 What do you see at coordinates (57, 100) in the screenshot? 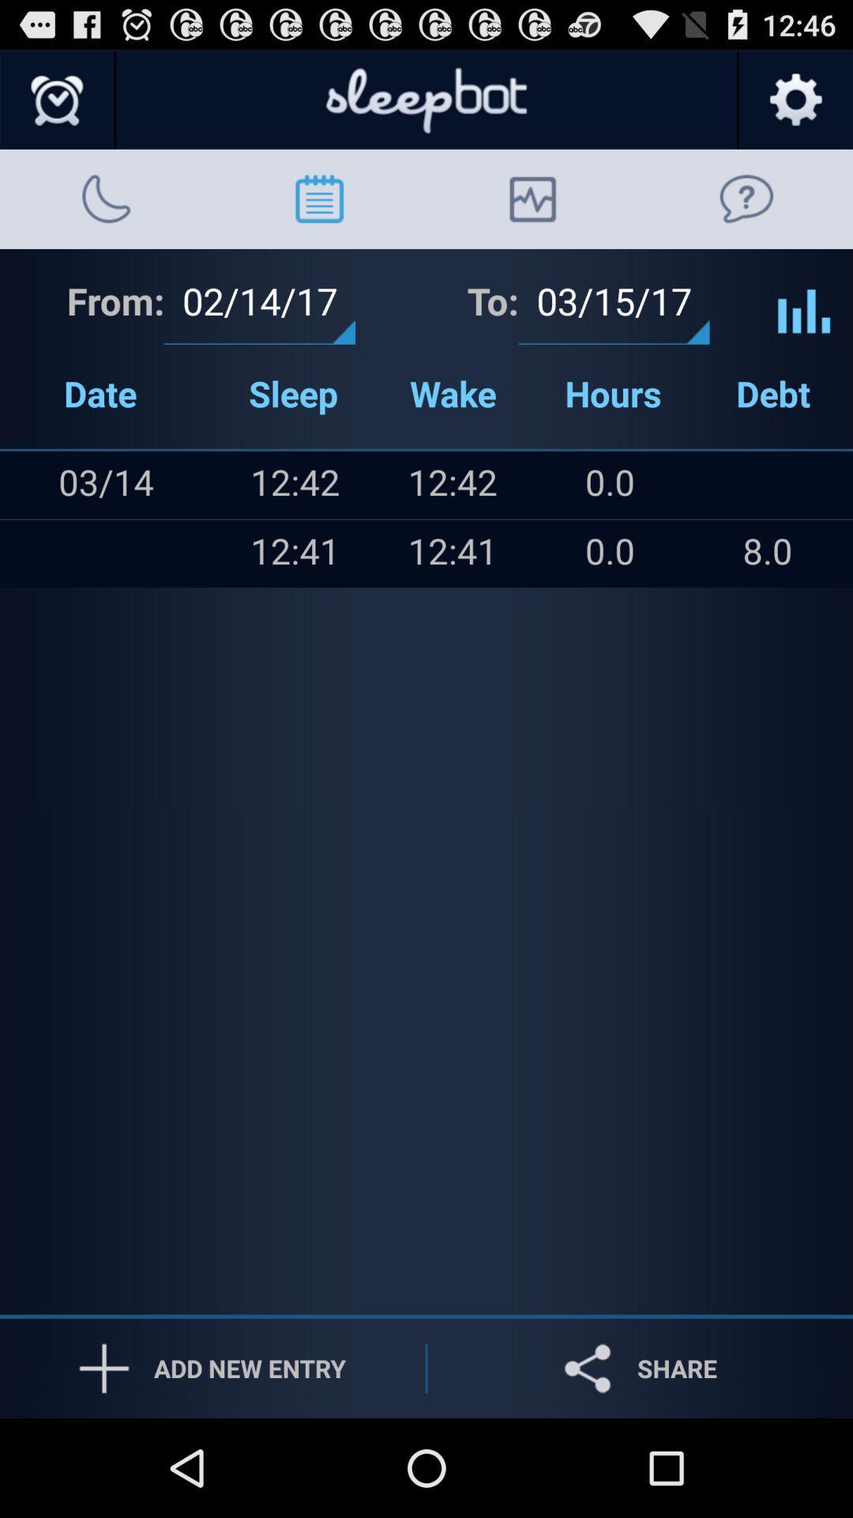
I see `alarm` at bounding box center [57, 100].